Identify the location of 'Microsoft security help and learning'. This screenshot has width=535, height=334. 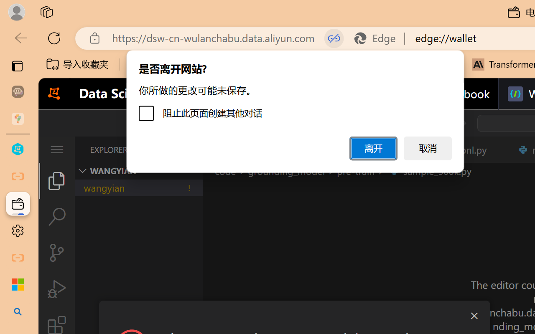
(18, 285).